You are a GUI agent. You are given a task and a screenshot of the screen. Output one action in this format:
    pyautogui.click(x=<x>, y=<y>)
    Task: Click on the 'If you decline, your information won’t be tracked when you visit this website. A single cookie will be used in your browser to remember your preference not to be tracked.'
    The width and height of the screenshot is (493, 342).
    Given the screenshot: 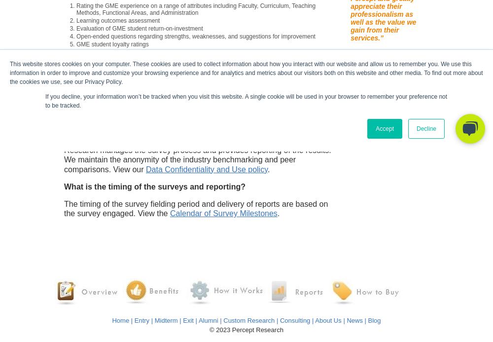 What is the action you would take?
    pyautogui.click(x=45, y=101)
    